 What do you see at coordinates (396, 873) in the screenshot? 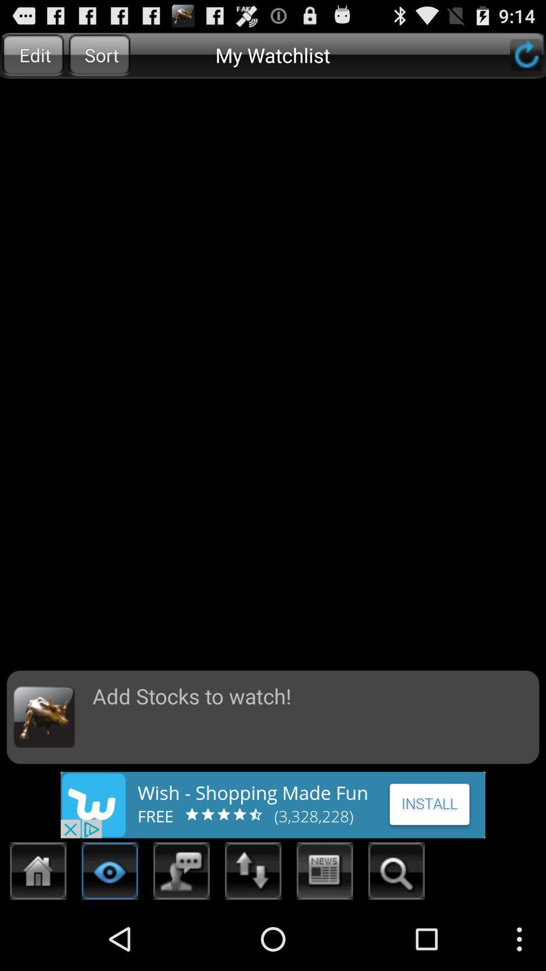
I see `search` at bounding box center [396, 873].